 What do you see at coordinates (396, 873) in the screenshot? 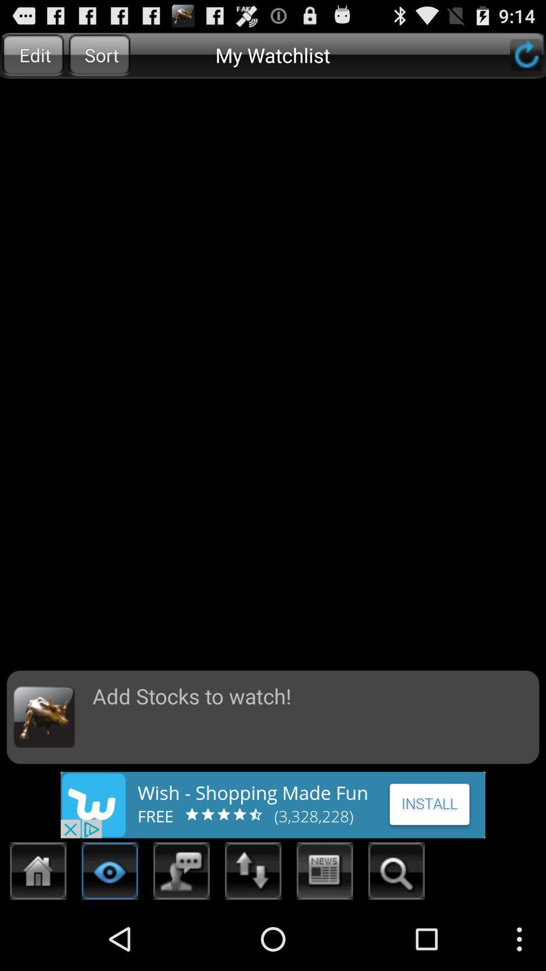
I see `search` at bounding box center [396, 873].